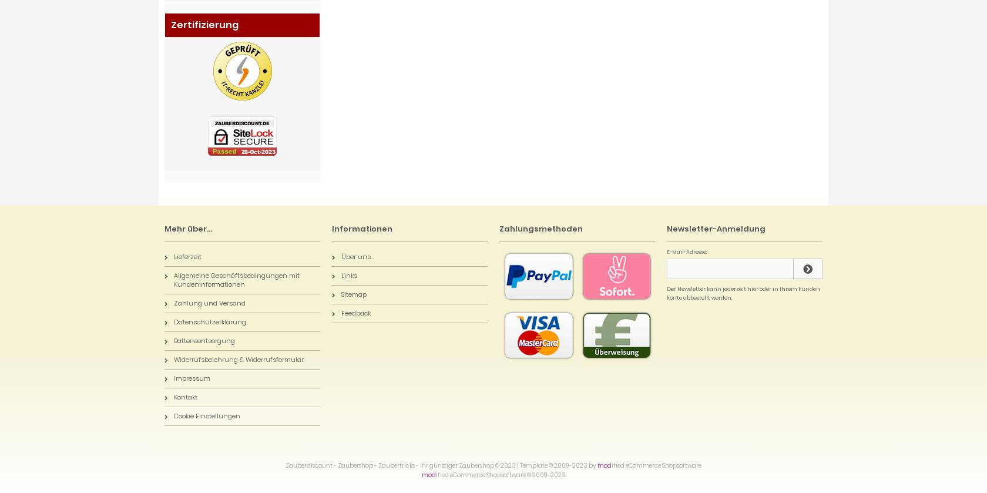 This screenshot has width=987, height=493. What do you see at coordinates (187, 256) in the screenshot?
I see `'Lieferzeit'` at bounding box center [187, 256].